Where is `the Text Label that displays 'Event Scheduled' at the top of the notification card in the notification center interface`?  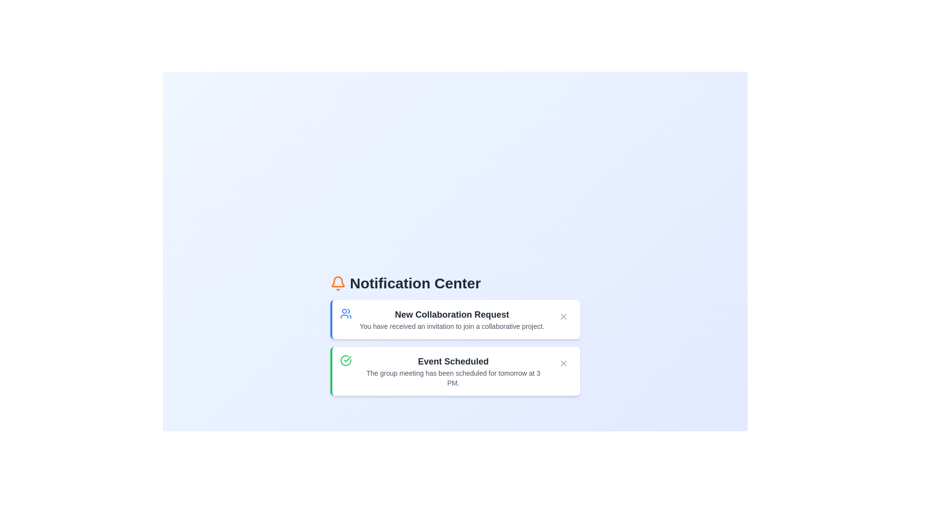 the Text Label that displays 'Event Scheduled' at the top of the notification card in the notification center interface is located at coordinates (452, 361).